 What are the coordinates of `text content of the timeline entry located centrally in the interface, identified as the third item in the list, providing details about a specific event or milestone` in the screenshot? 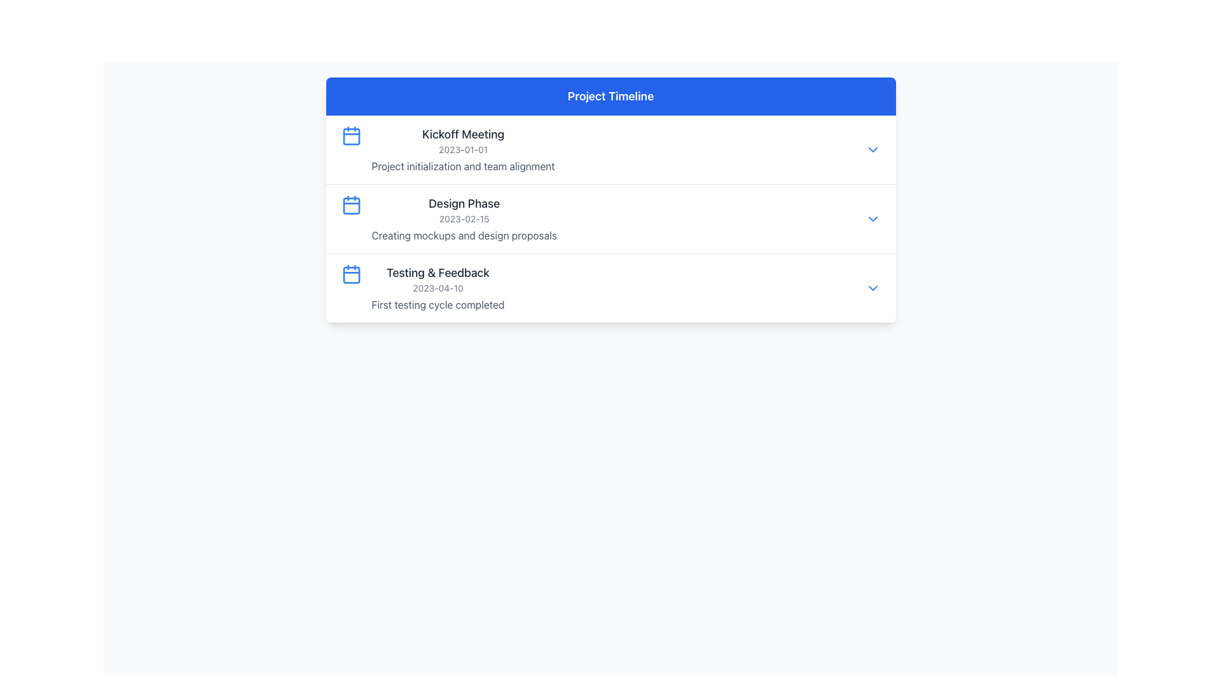 It's located at (423, 288).